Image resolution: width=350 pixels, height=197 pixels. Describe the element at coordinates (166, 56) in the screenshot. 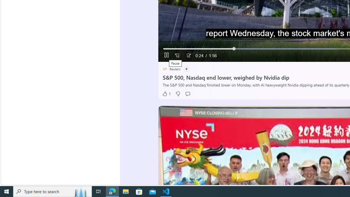

I see `'Pause'` at that location.